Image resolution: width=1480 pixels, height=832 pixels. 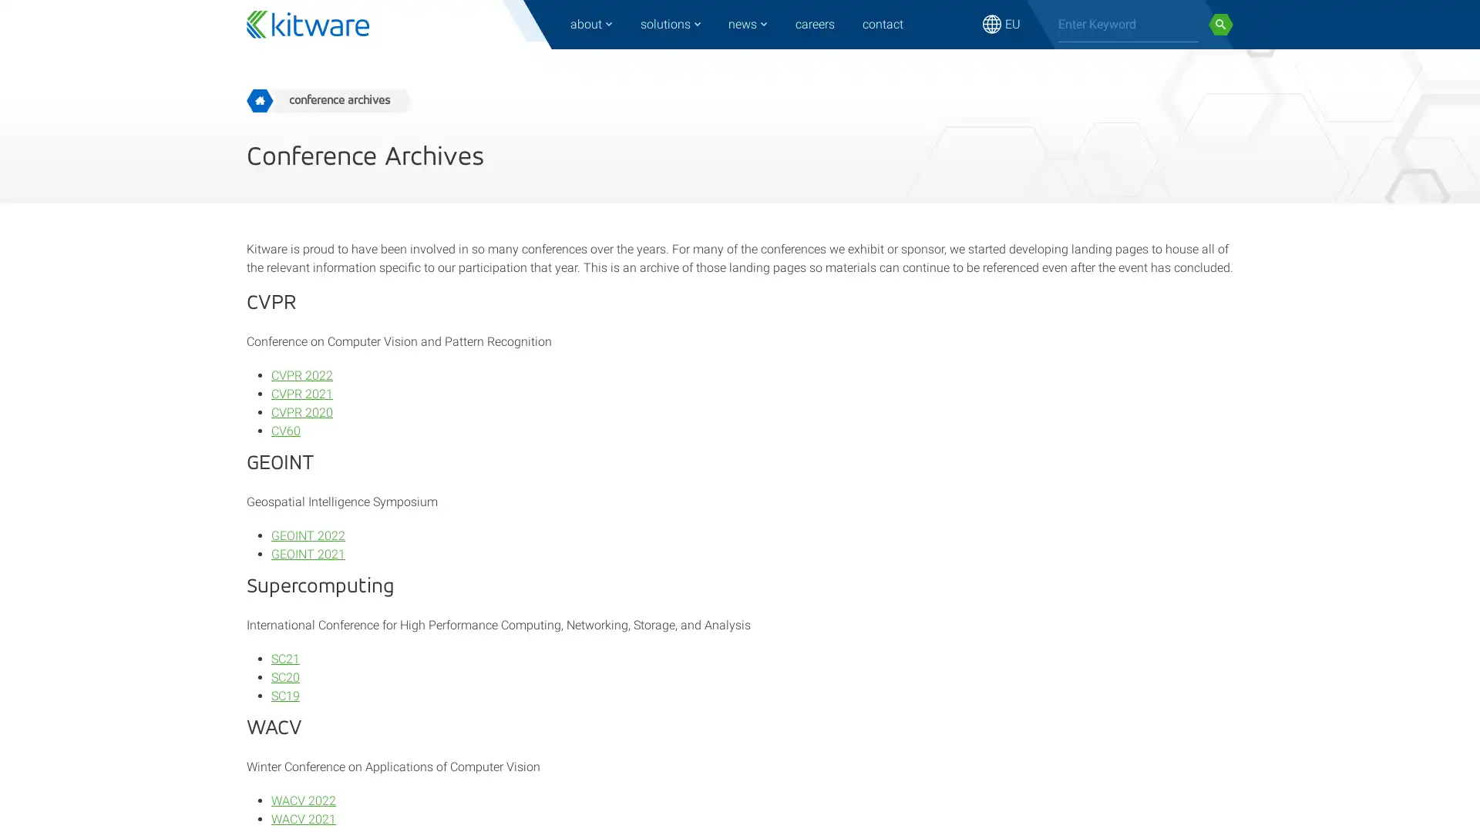 What do you see at coordinates (1220, 24) in the screenshot?
I see `Search` at bounding box center [1220, 24].